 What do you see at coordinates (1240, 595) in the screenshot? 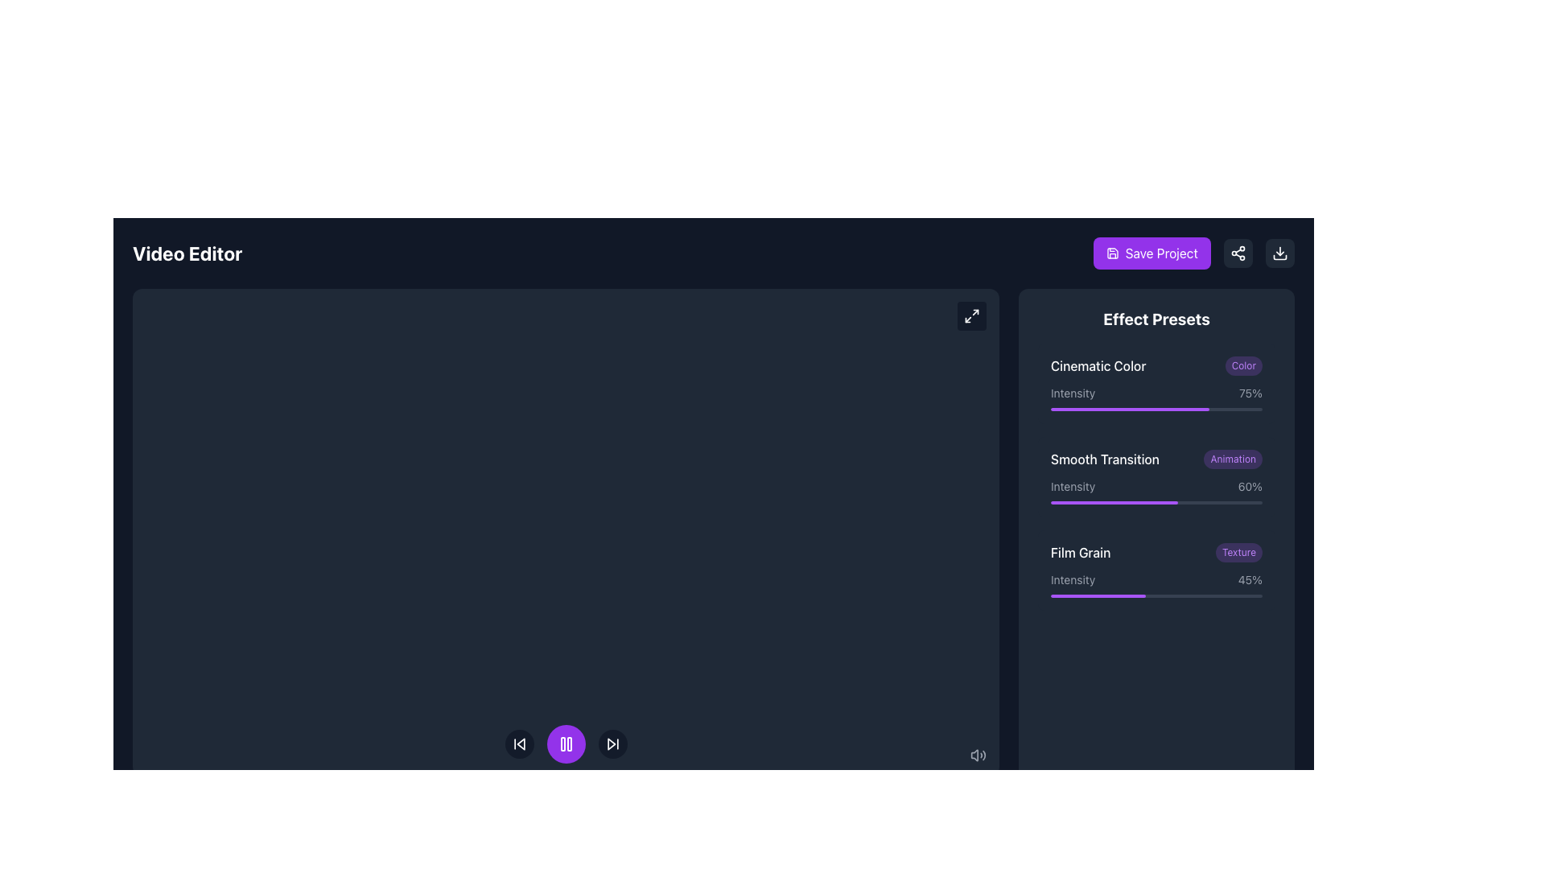
I see `the intensity slider` at bounding box center [1240, 595].